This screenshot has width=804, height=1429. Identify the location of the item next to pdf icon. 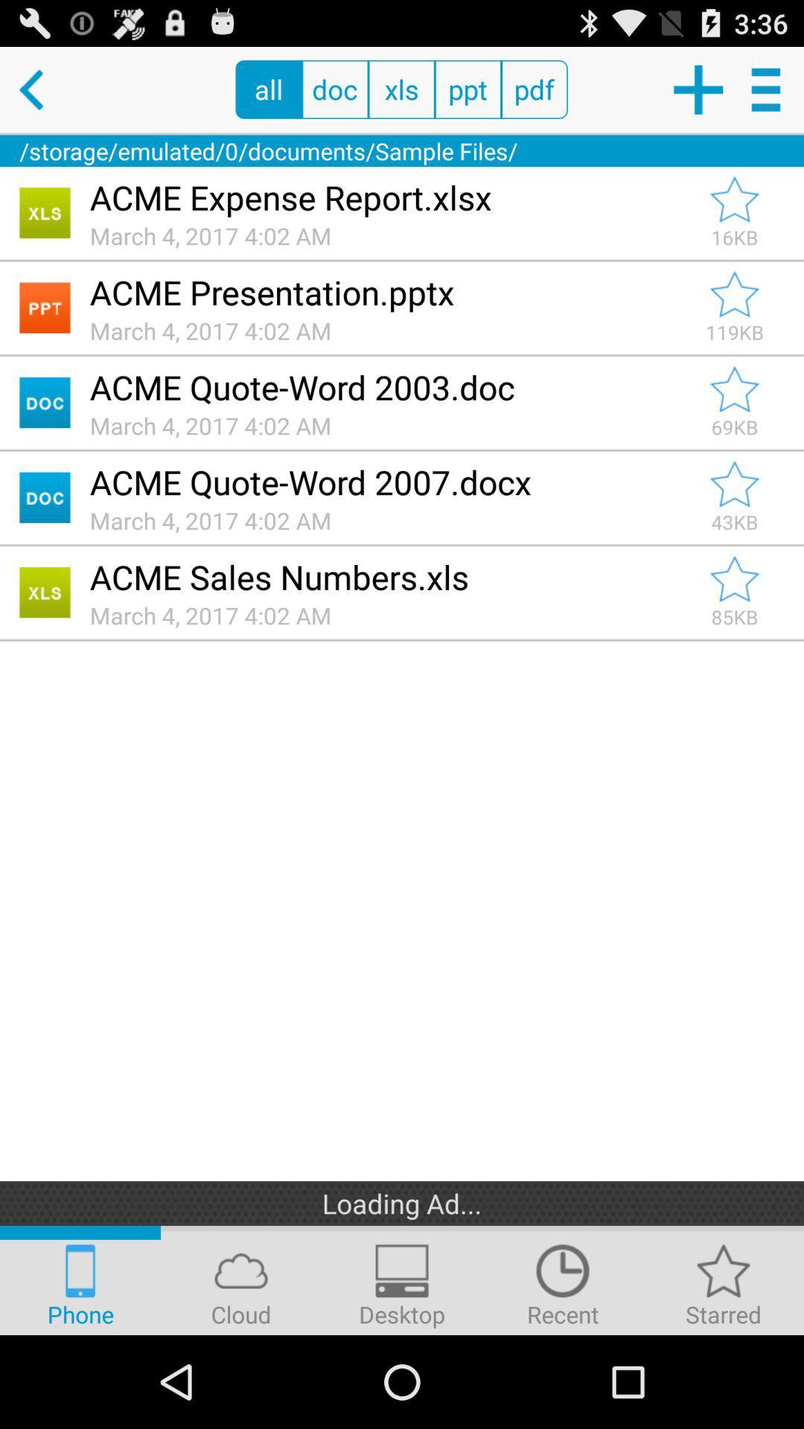
(467, 89).